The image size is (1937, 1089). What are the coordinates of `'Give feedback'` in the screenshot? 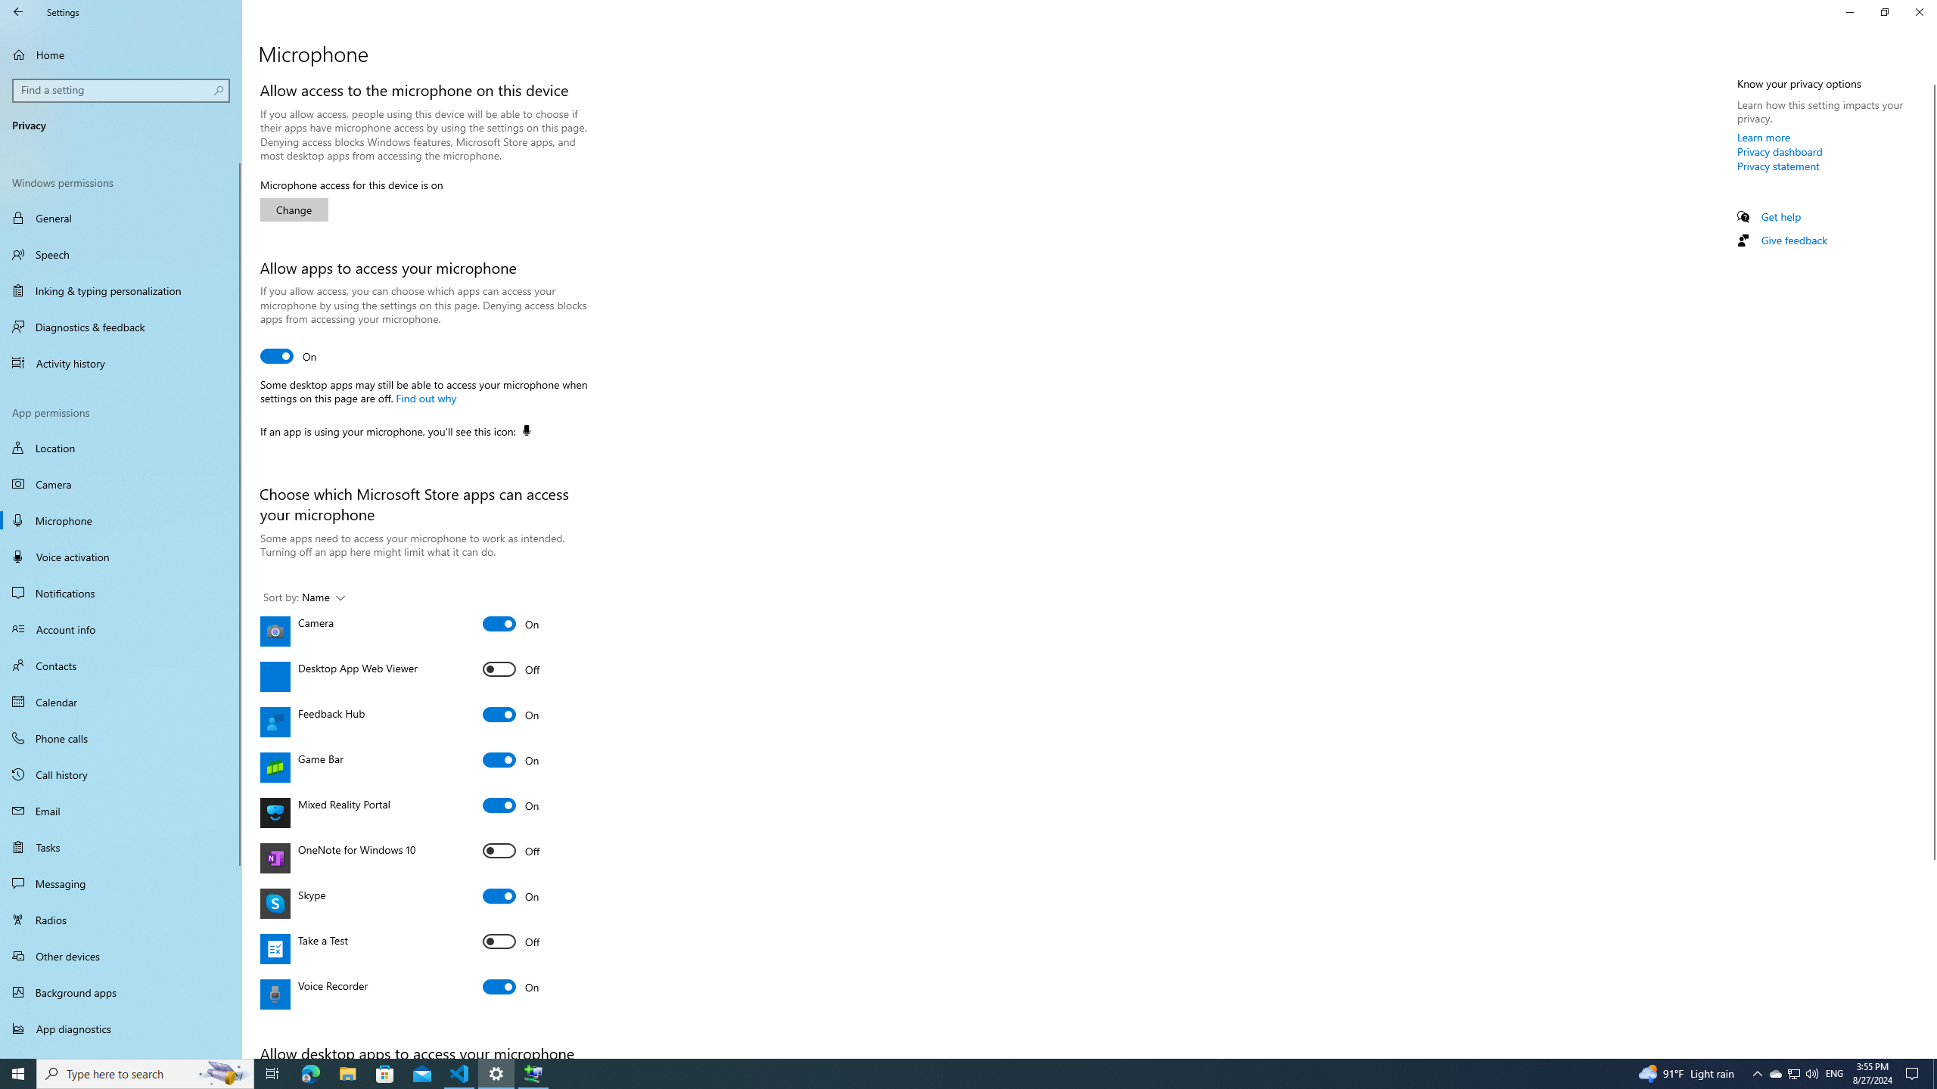 It's located at (1792, 240).